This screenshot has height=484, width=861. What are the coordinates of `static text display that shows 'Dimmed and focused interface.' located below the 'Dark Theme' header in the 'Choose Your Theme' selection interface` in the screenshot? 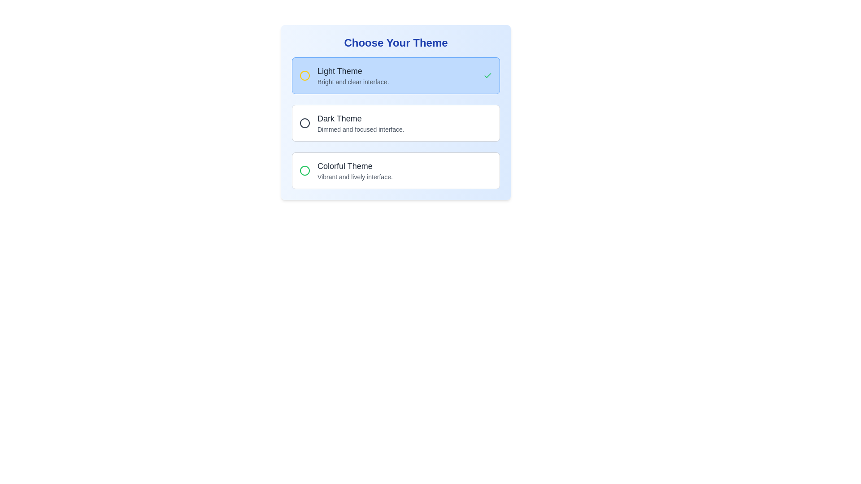 It's located at (361, 130).